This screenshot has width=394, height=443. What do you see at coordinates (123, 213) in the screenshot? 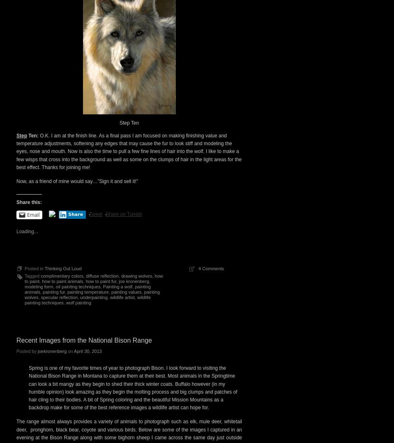
I see `'Share on Tumblr'` at bounding box center [123, 213].